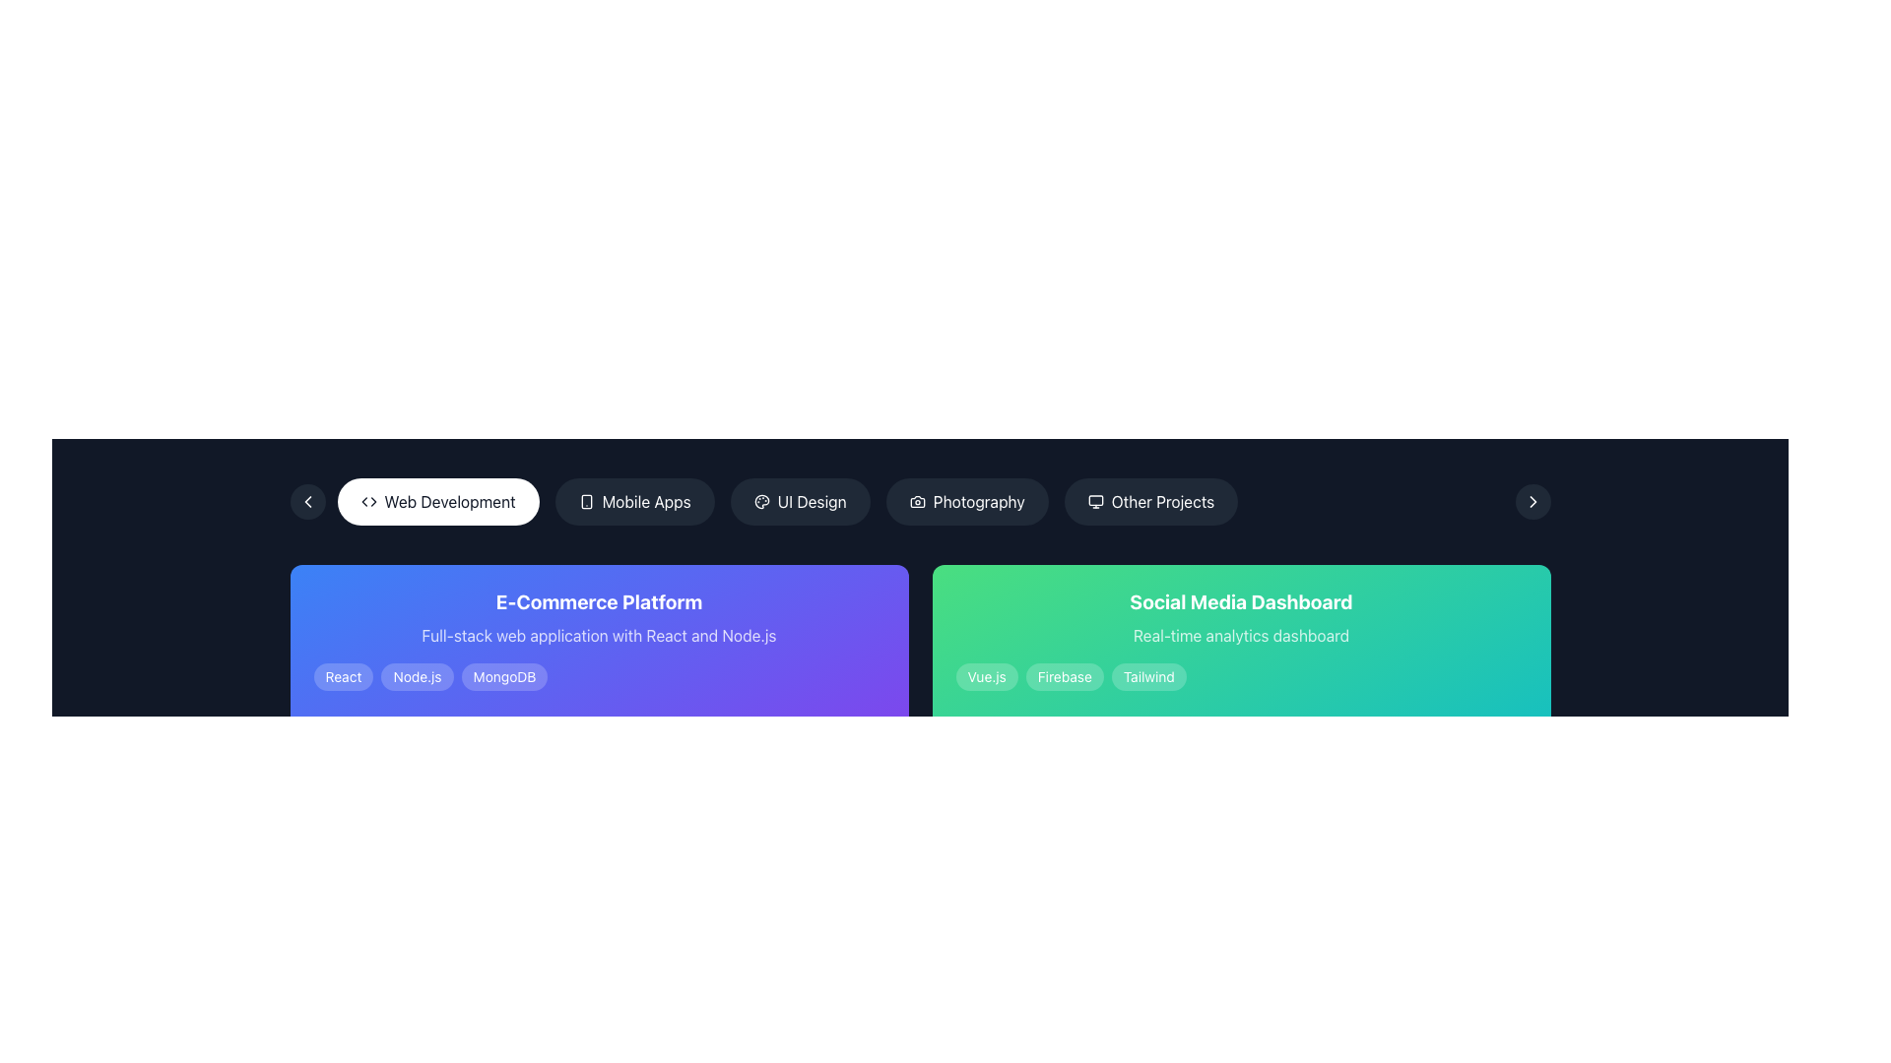  What do you see at coordinates (979, 500) in the screenshot?
I see `the text label 'Photography' styled in white against a dark background` at bounding box center [979, 500].